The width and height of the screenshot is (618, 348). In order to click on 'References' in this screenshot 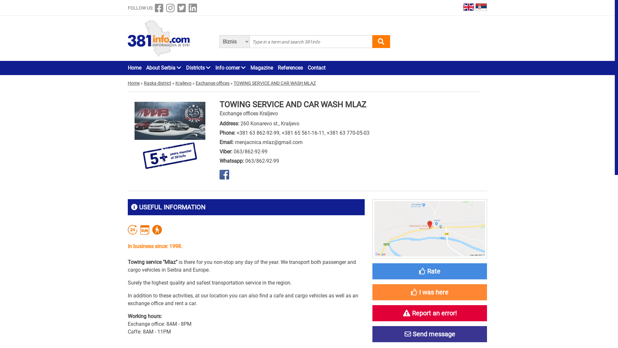, I will do `click(290, 68)`.